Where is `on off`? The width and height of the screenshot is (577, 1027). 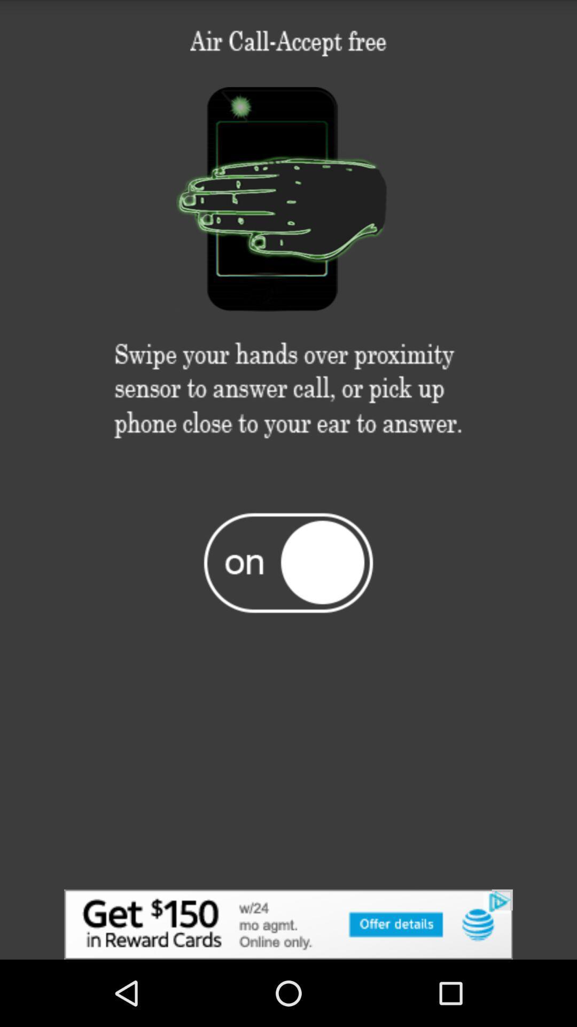
on off is located at coordinates (288, 562).